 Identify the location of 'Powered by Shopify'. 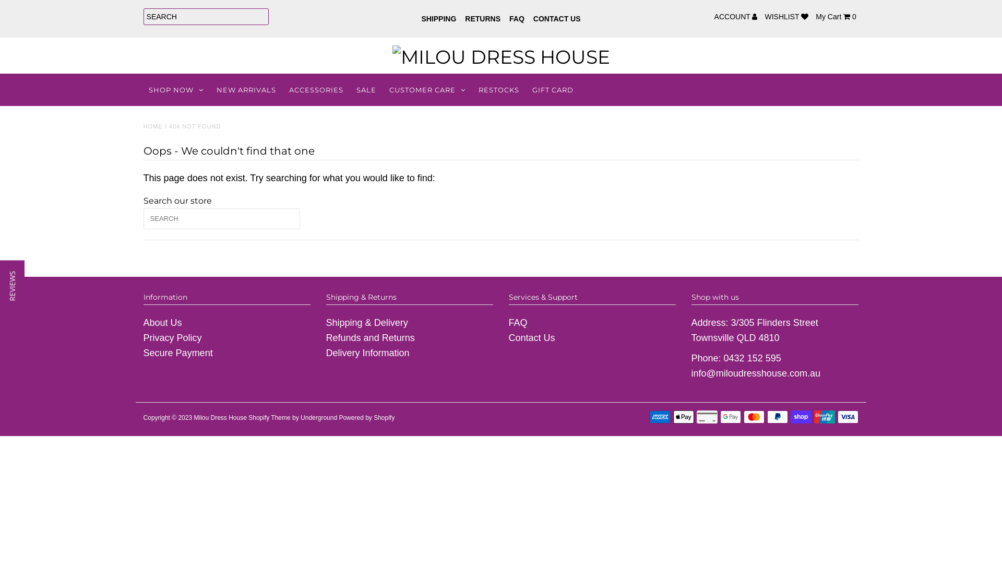
(366, 417).